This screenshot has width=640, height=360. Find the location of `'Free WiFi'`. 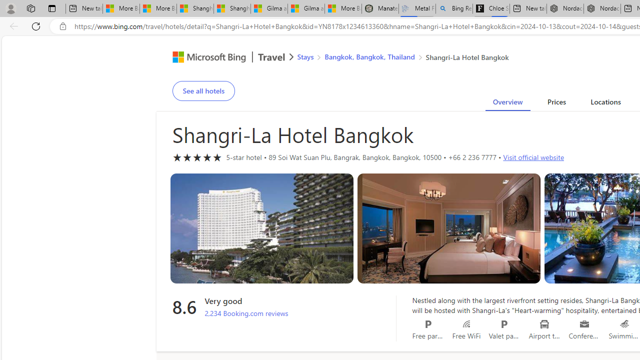

'Free WiFi' is located at coordinates (465, 324).